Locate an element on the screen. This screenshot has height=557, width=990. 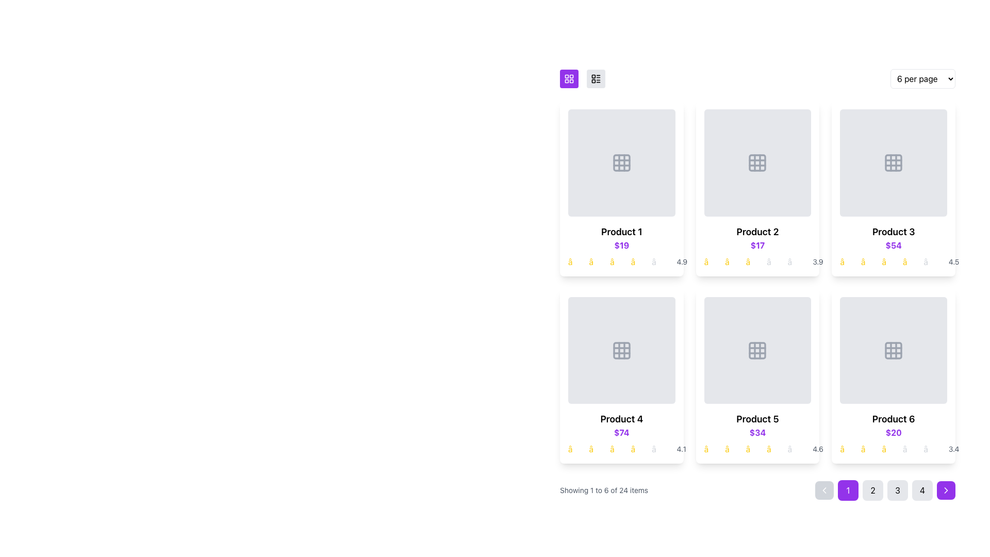
the bold, purple-colored text label displaying the price '$17', which is located underneath the product title 'Product 2' in the product grid is located at coordinates (757, 245).